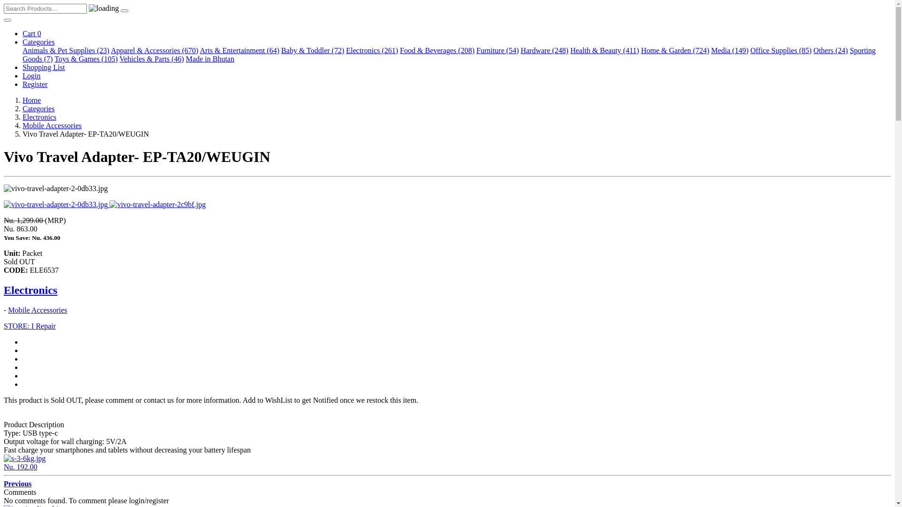  What do you see at coordinates (119, 59) in the screenshot?
I see `'Vehicles & Parts (46)'` at bounding box center [119, 59].